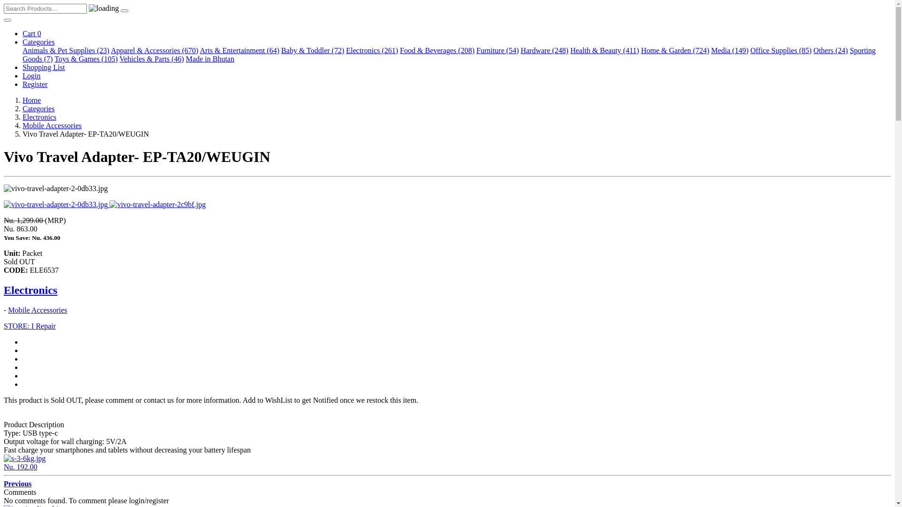  What do you see at coordinates (119, 59) in the screenshot?
I see `'Vehicles & Parts (46)'` at bounding box center [119, 59].